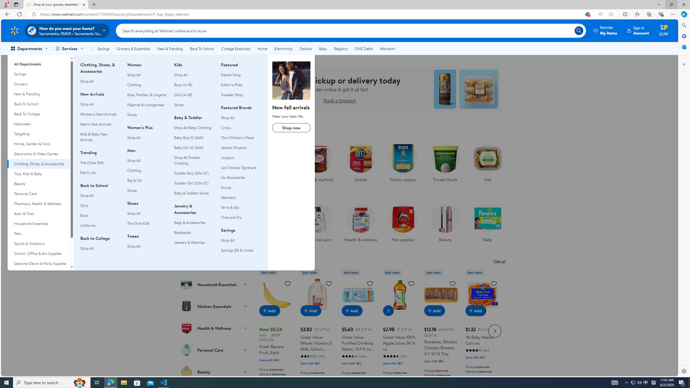 The image size is (690, 388). I want to click on 'Big & Tall', so click(134, 180).